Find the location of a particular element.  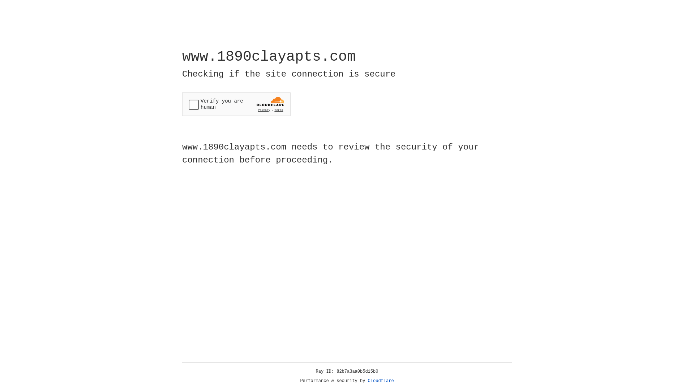

'Cloudflare' is located at coordinates (381, 381).